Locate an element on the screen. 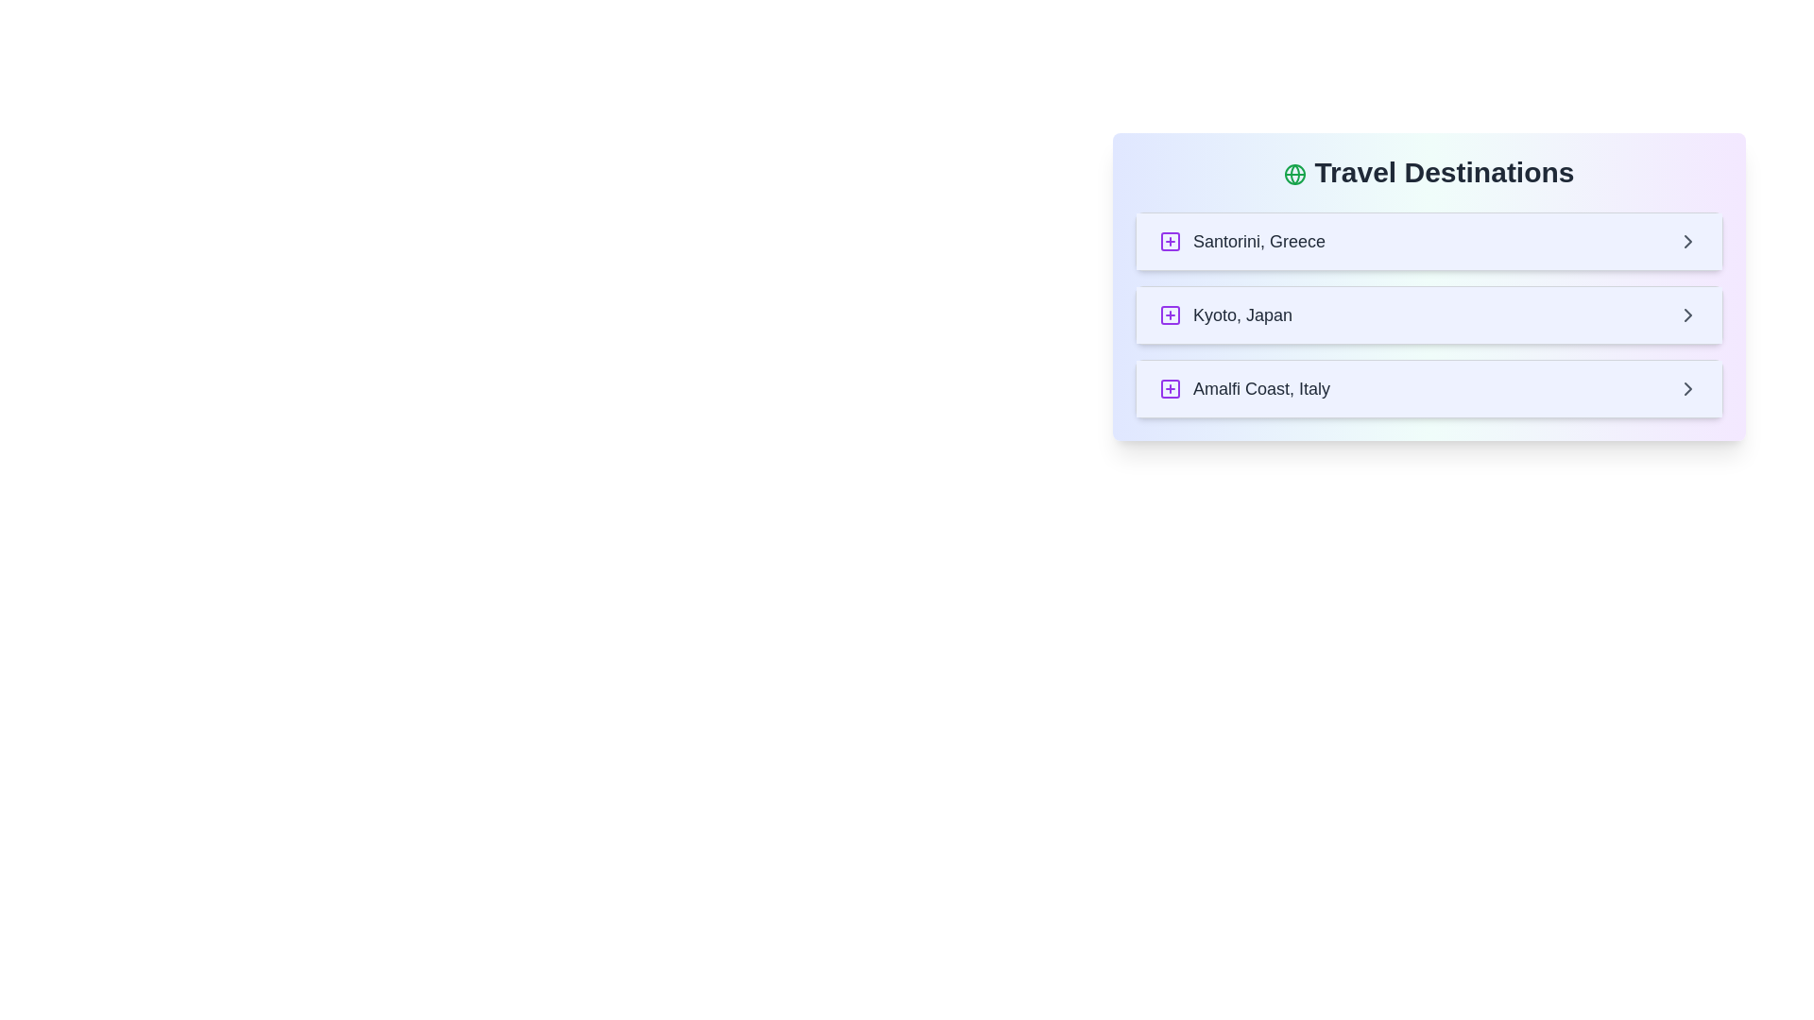 This screenshot has width=1814, height=1020. the text label displaying 'Kyoto, Japan', which is the second item in the vertical list of destinations is located at coordinates (1242, 314).